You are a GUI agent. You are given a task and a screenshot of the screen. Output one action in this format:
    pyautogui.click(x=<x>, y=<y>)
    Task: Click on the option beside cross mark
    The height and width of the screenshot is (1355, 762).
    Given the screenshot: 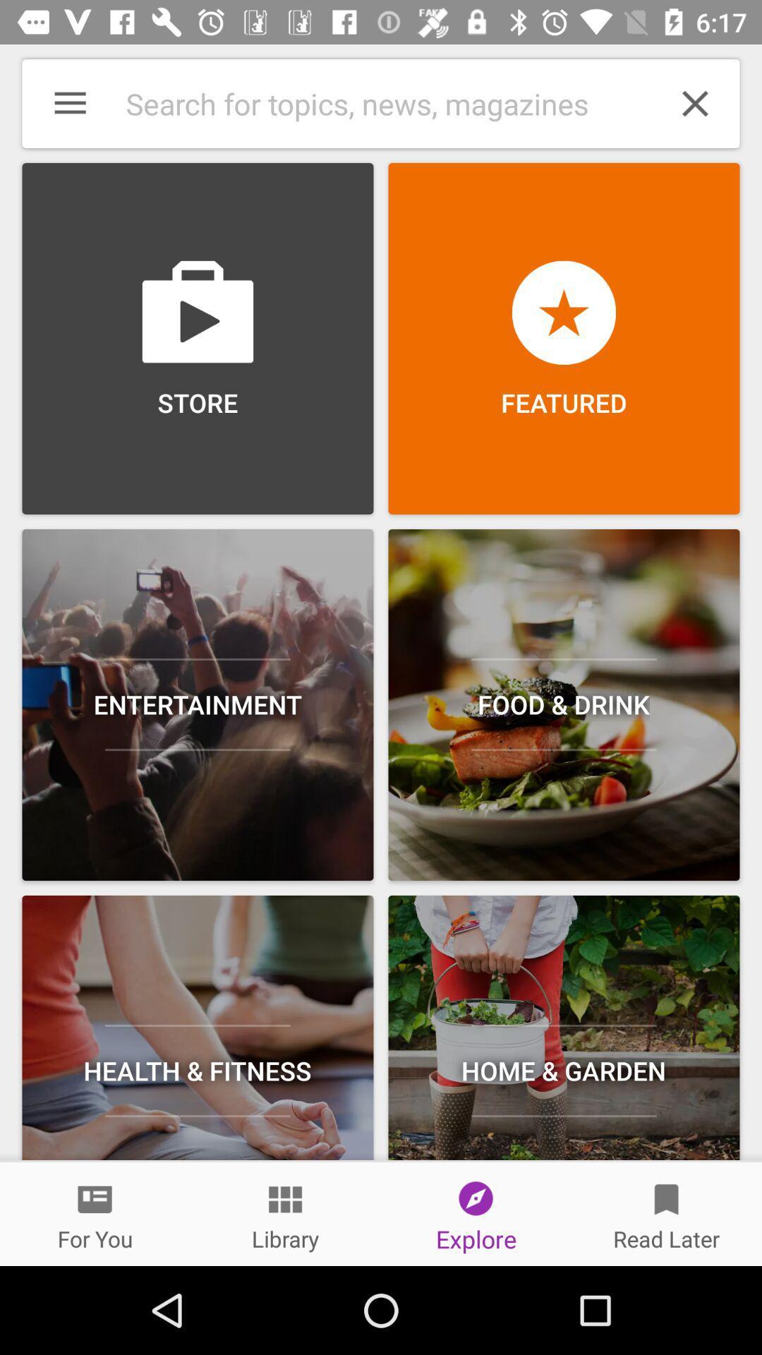 What is the action you would take?
    pyautogui.click(x=373, y=103)
    